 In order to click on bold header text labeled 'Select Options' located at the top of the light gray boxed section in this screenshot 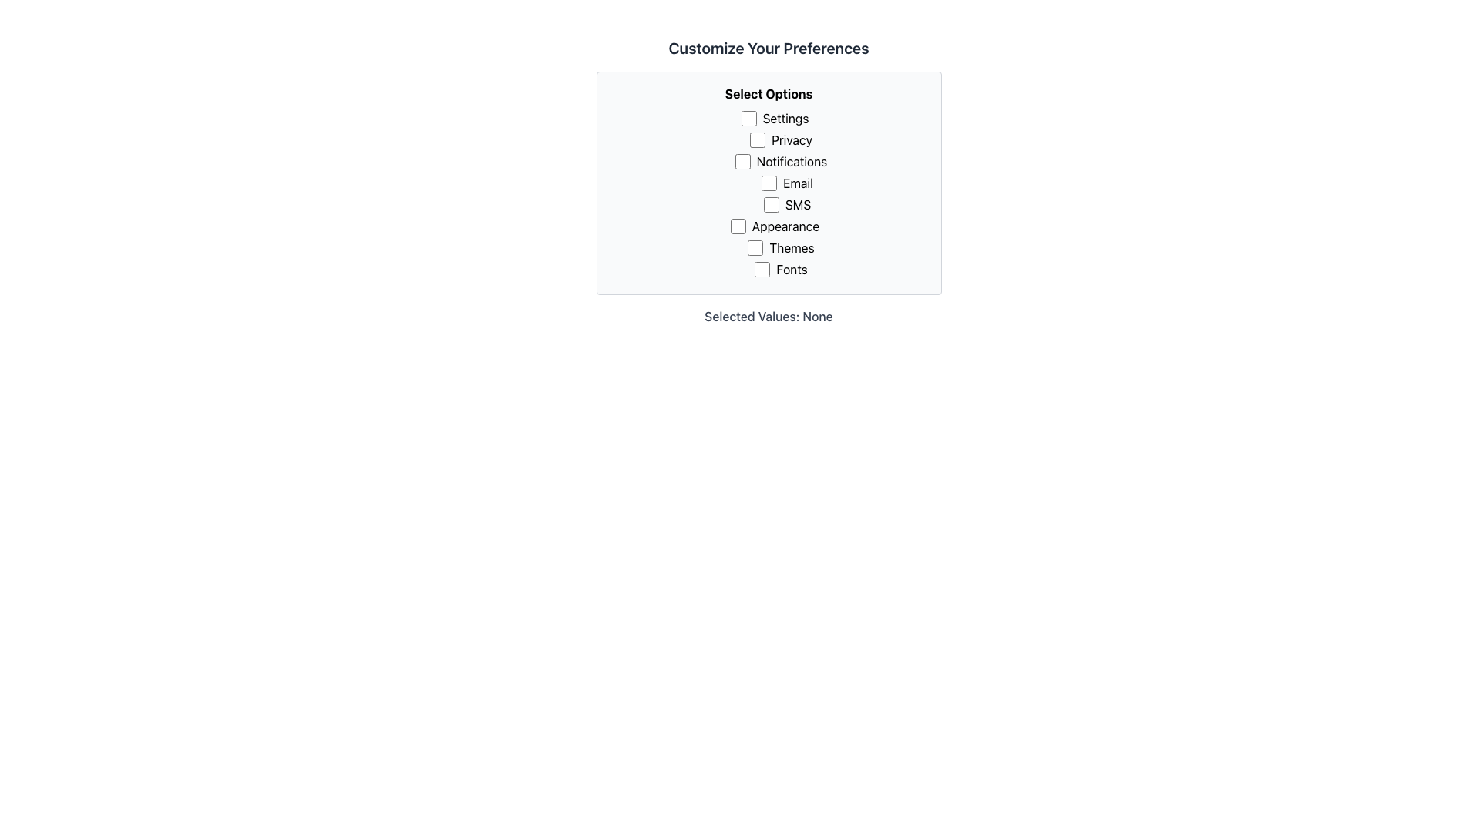, I will do `click(769, 94)`.